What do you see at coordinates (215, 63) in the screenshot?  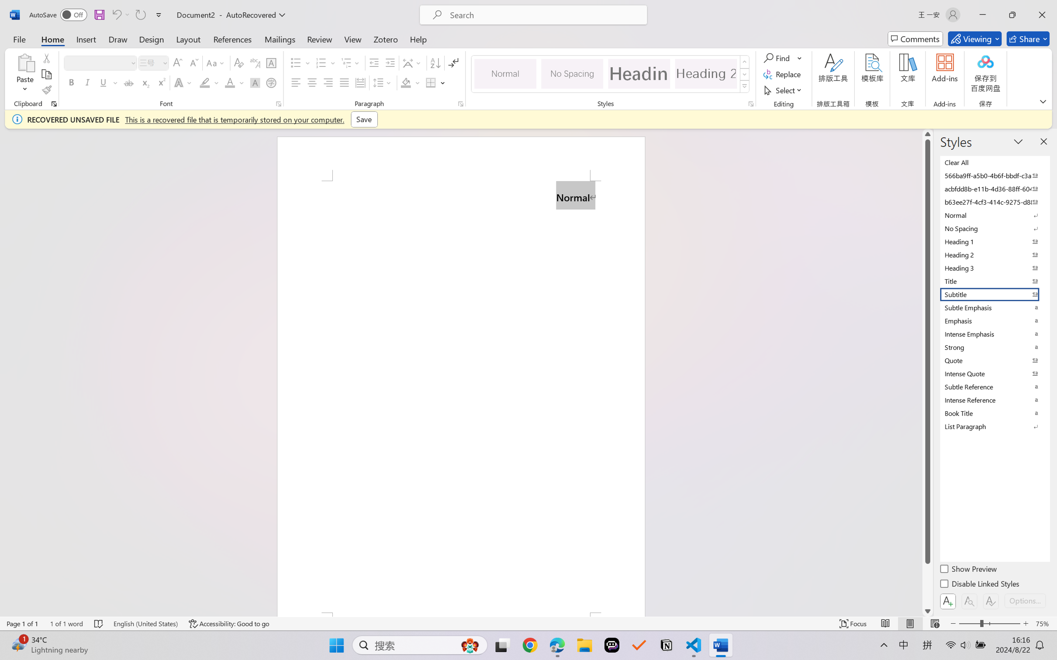 I see `'Change Case'` at bounding box center [215, 63].